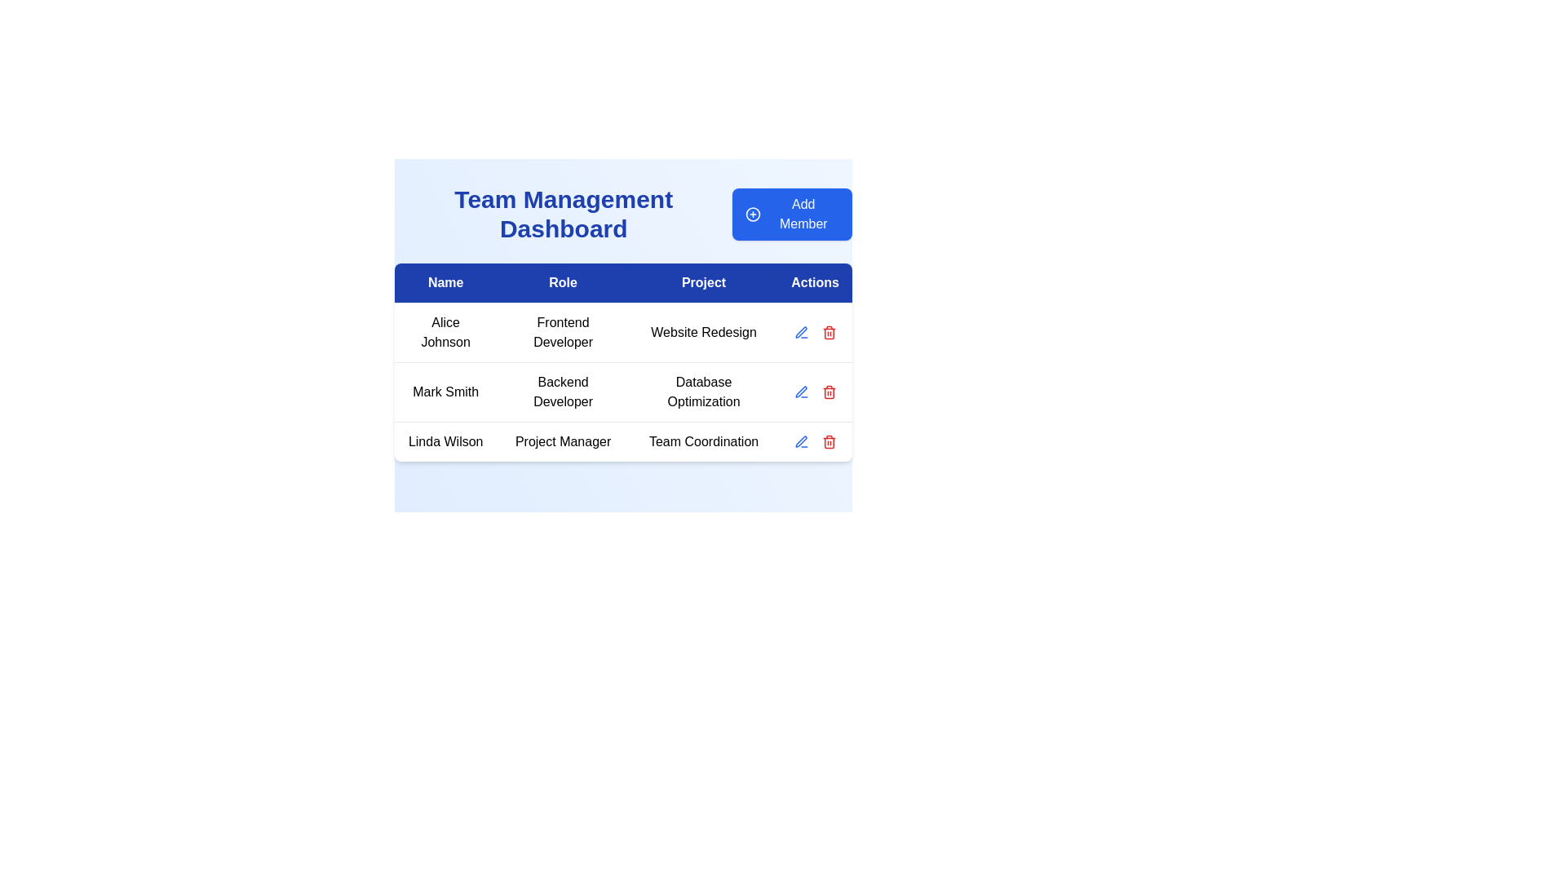  I want to click on the Text label that displays the name of the project associated with the corresponding person and role in the first row of the table under the 'Project' column, so click(704, 332).